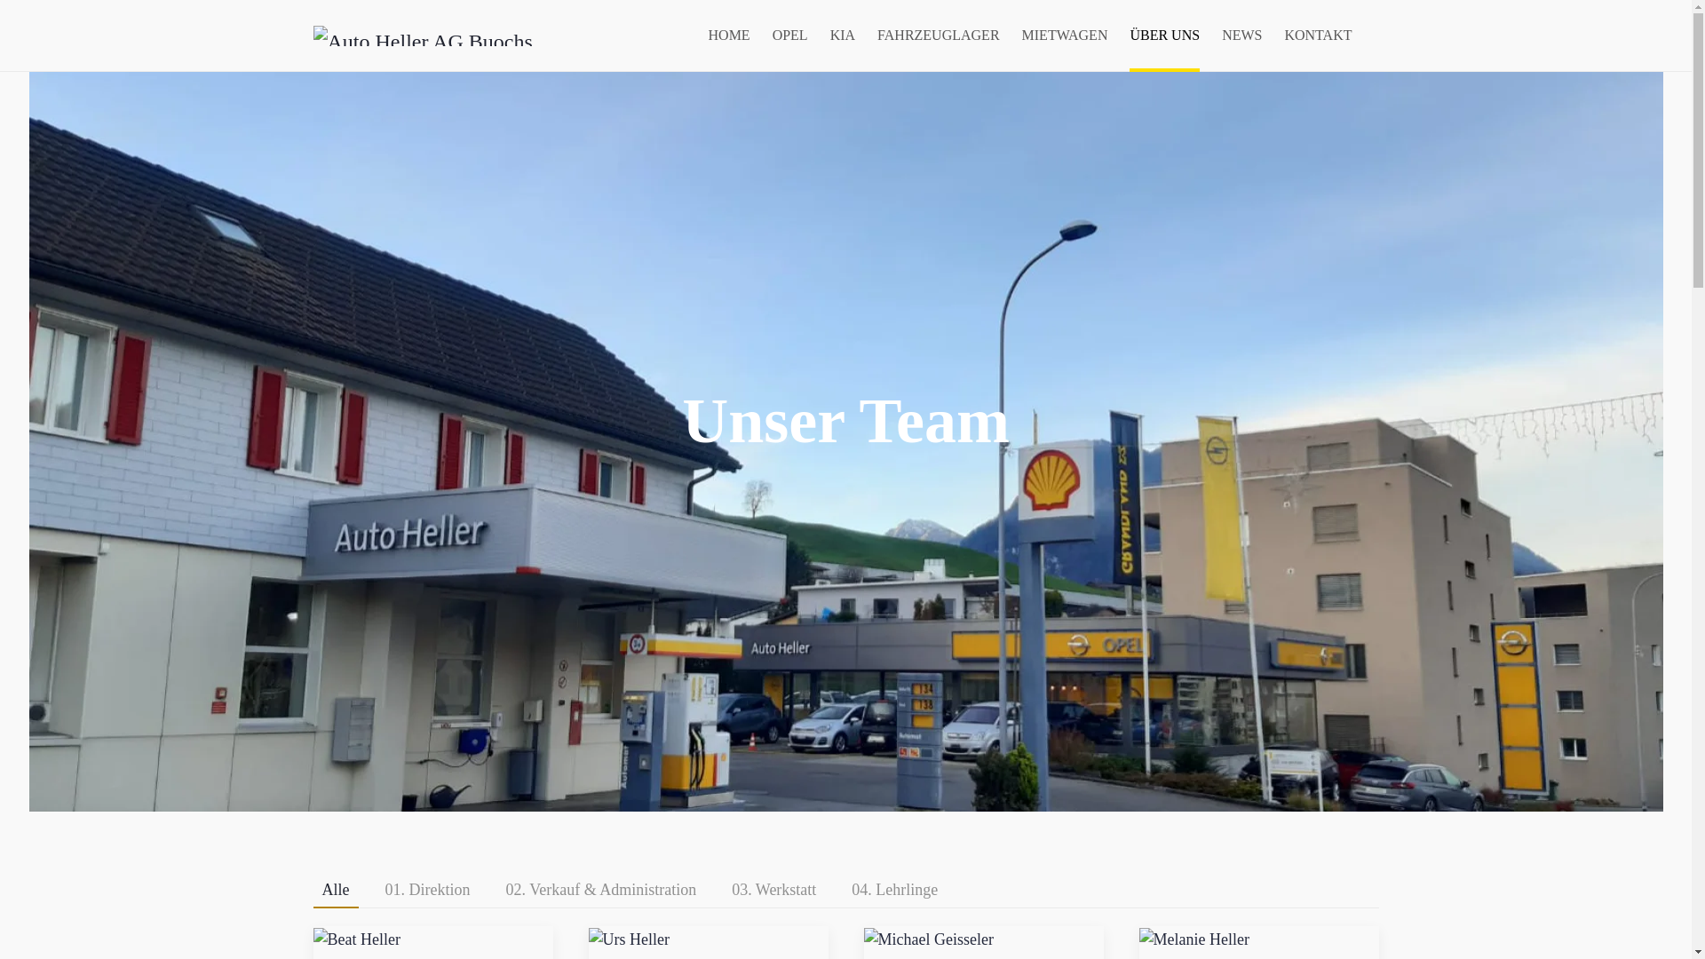 The image size is (1705, 959). Describe the element at coordinates (842, 891) in the screenshot. I see `'04. Lehrlinge'` at that location.